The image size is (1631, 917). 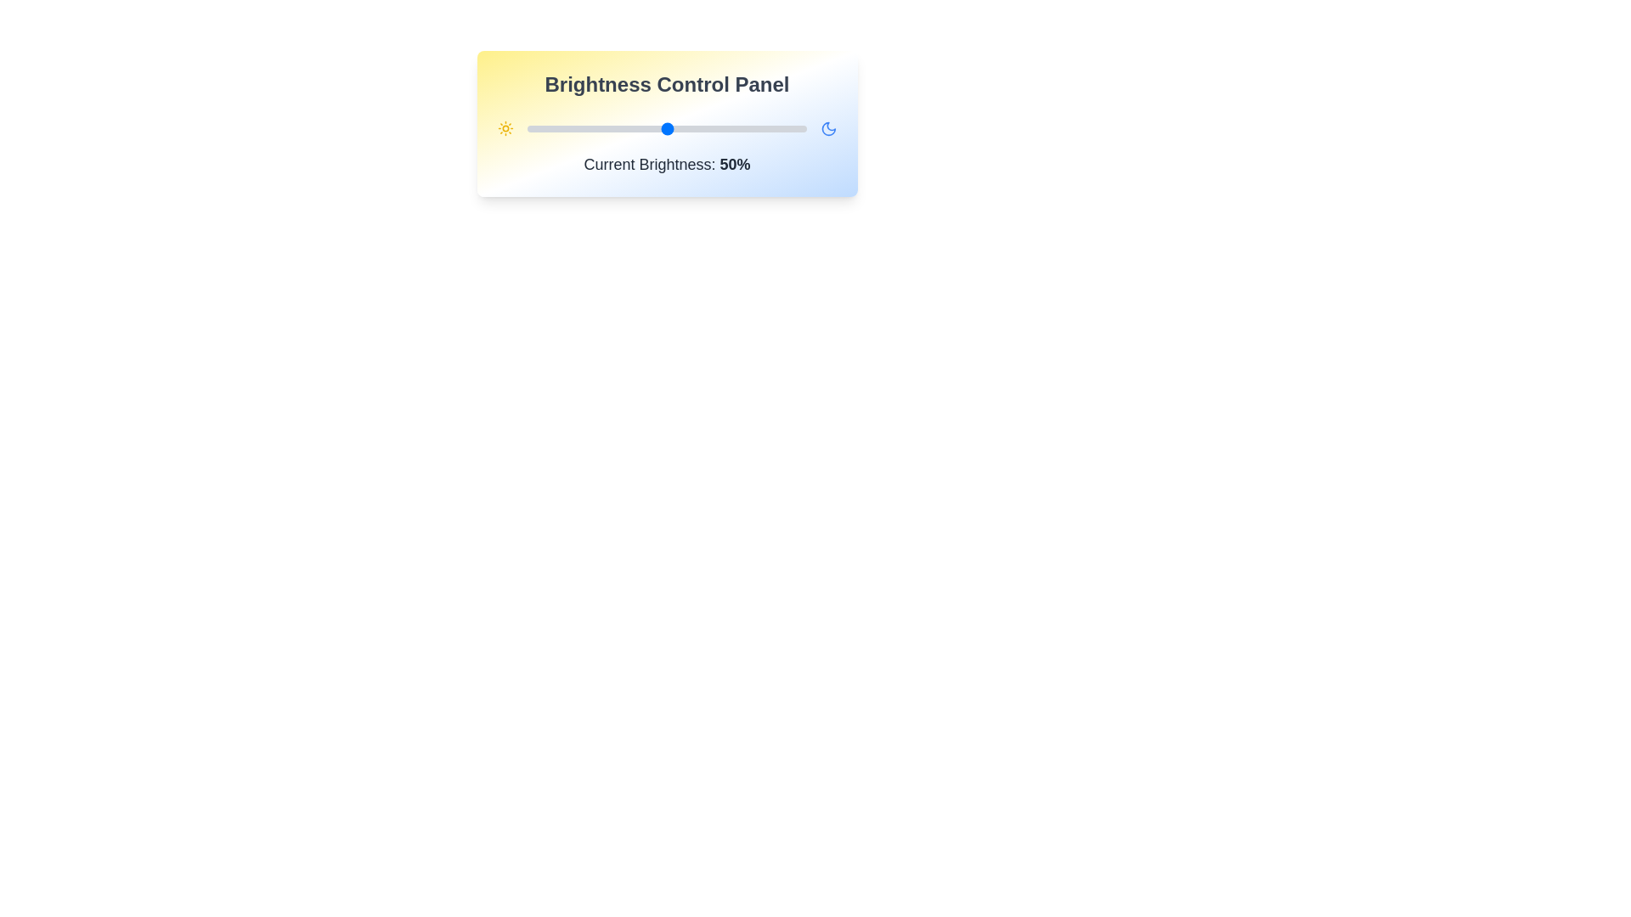 I want to click on the informational text label that displays the current brightness level percentage, located at the bottom of the brightness control panel, so click(x=666, y=164).